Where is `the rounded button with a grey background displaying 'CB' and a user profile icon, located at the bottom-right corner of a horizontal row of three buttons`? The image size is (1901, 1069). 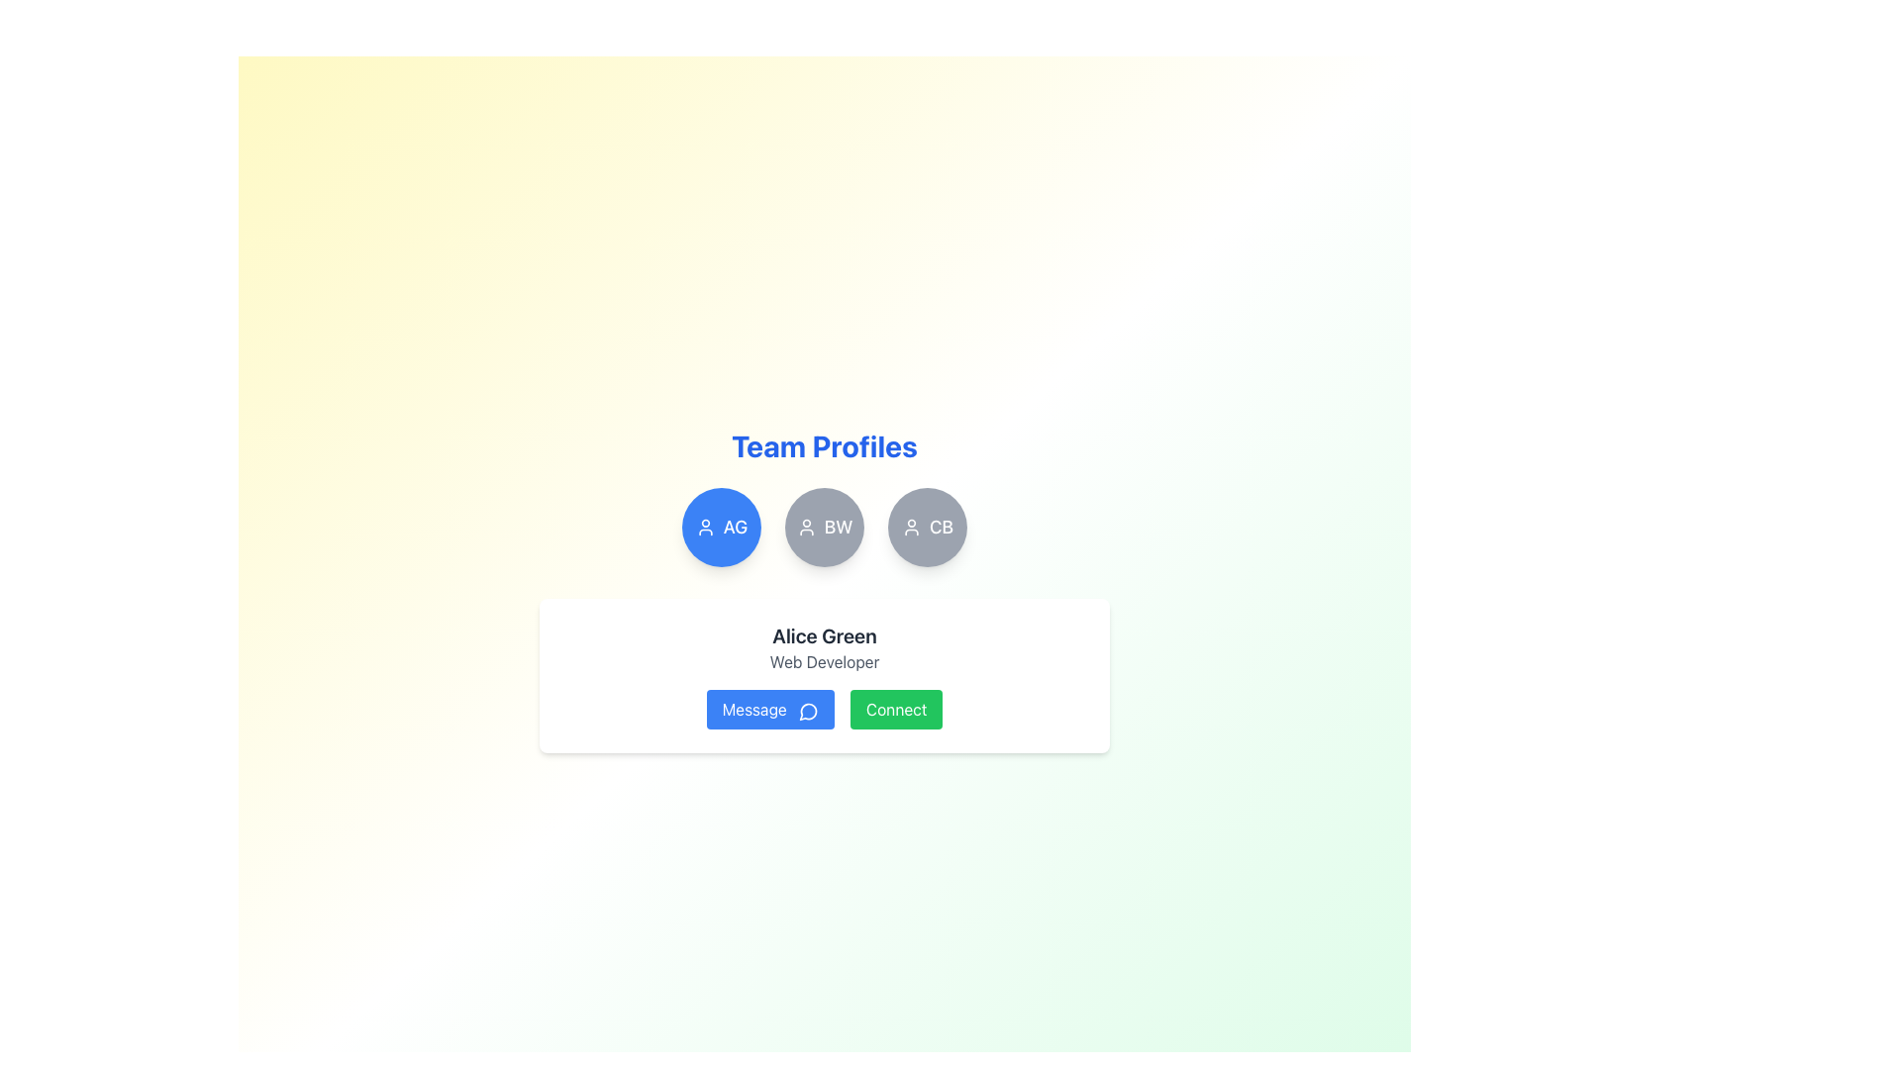 the rounded button with a grey background displaying 'CB' and a user profile icon, located at the bottom-right corner of a horizontal row of three buttons is located at coordinates (926, 526).